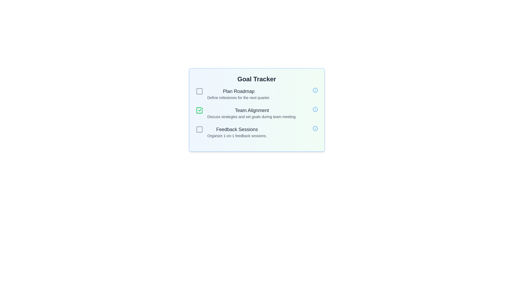 The width and height of the screenshot is (510, 286). What do you see at coordinates (238, 93) in the screenshot?
I see `the Text Label that provides the task title 'Plan Roadmap' and description 'Define milestones for the next quarter.'` at bounding box center [238, 93].